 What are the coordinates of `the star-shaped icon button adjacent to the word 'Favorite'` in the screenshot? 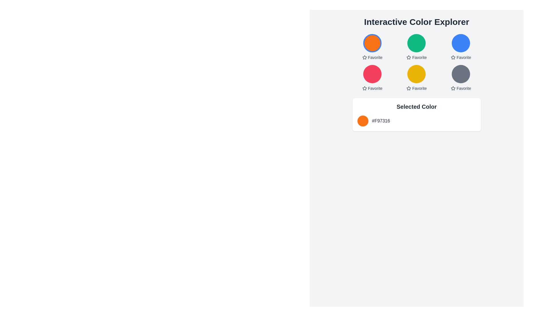 It's located at (408, 57).